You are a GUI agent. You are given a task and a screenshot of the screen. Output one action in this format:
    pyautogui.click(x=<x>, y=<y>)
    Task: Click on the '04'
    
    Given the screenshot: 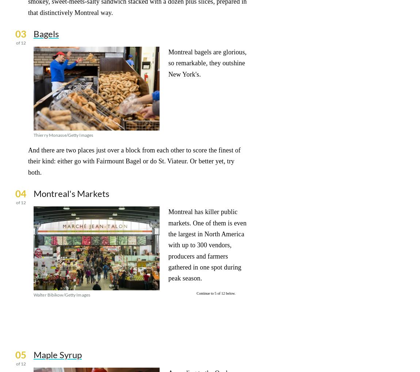 What is the action you would take?
    pyautogui.click(x=15, y=193)
    